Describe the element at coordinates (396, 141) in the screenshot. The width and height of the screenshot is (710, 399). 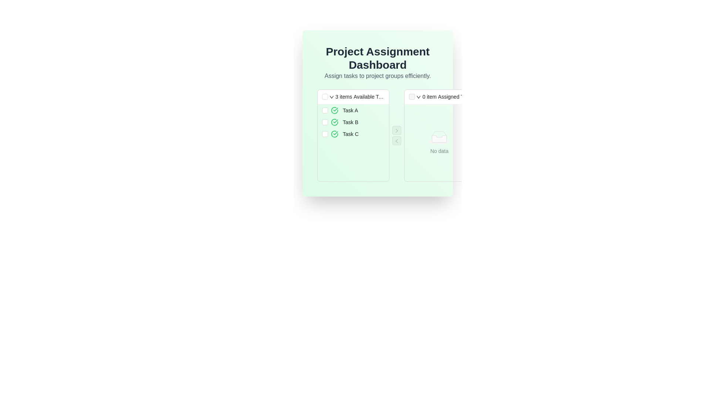
I see `the transfer button located between two task list panels, which is in the lower portion of a vertical stack of two similar arrow buttons` at that location.